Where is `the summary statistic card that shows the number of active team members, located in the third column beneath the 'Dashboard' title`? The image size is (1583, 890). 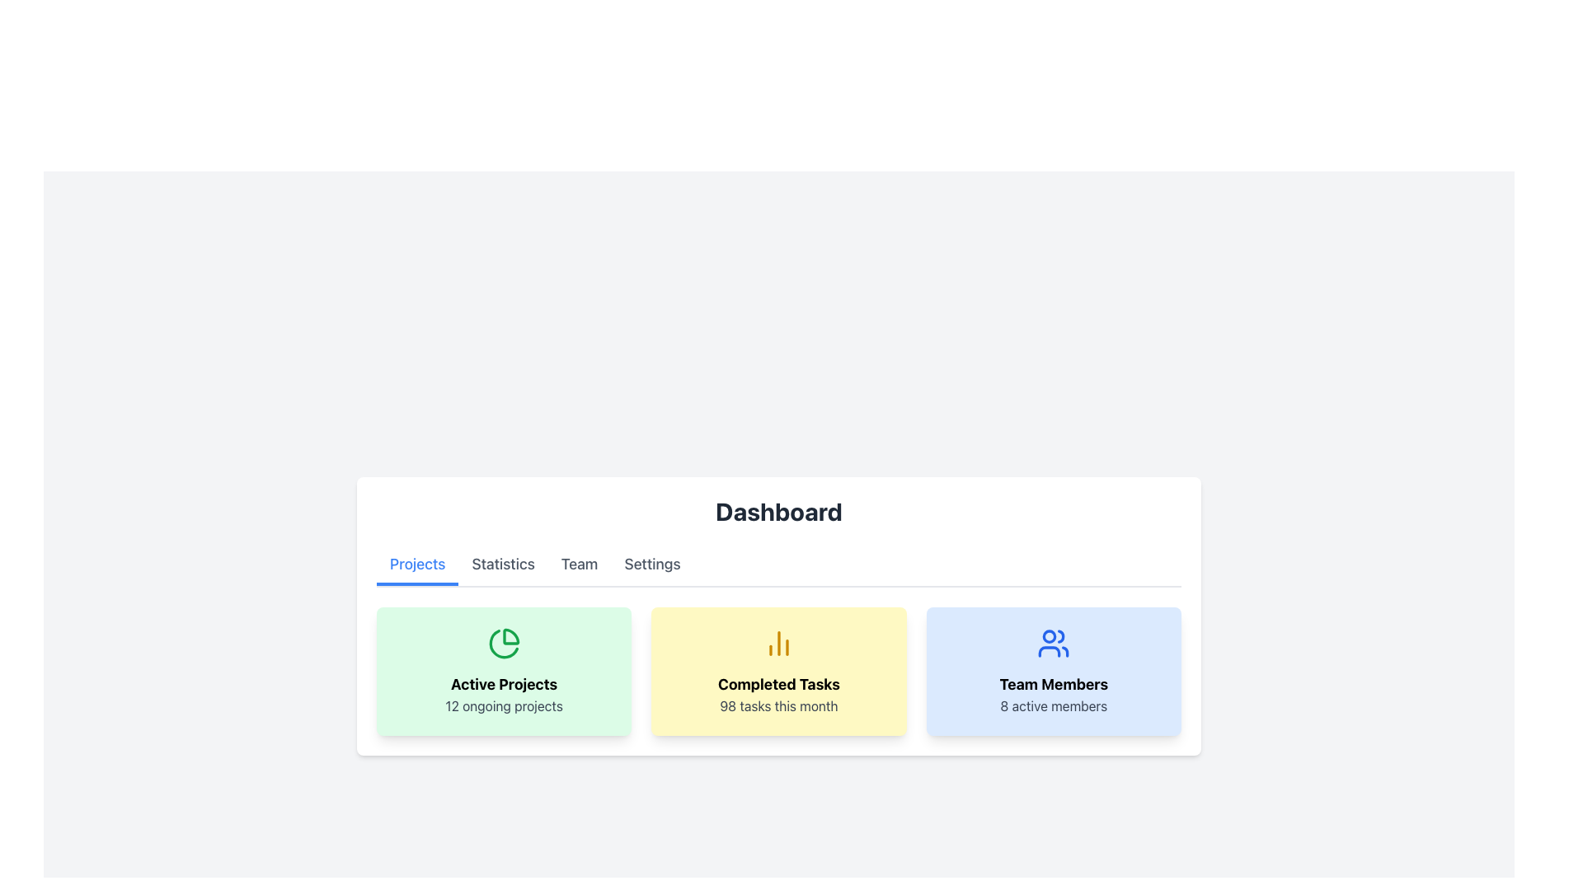 the summary statistic card that shows the number of active team members, located in the third column beneath the 'Dashboard' title is located at coordinates (1053, 671).